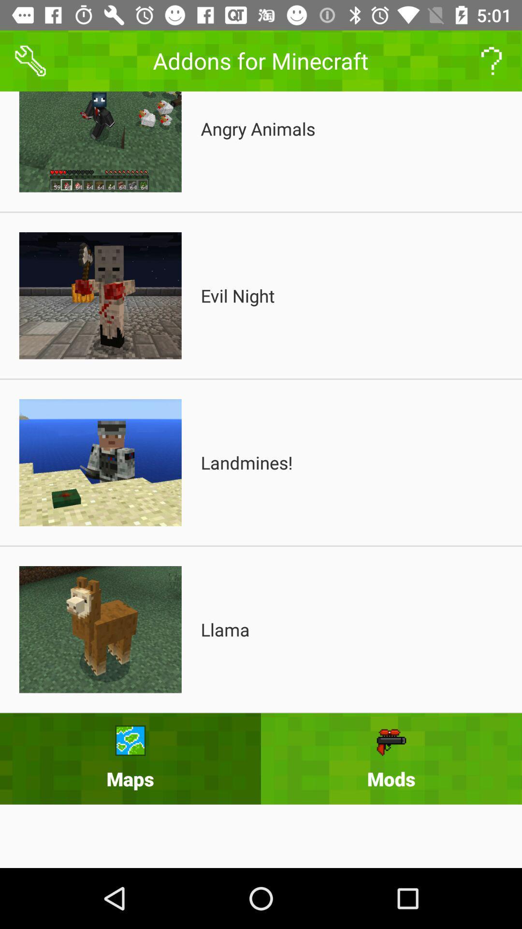  What do you see at coordinates (492, 60) in the screenshot?
I see `the help icon` at bounding box center [492, 60].